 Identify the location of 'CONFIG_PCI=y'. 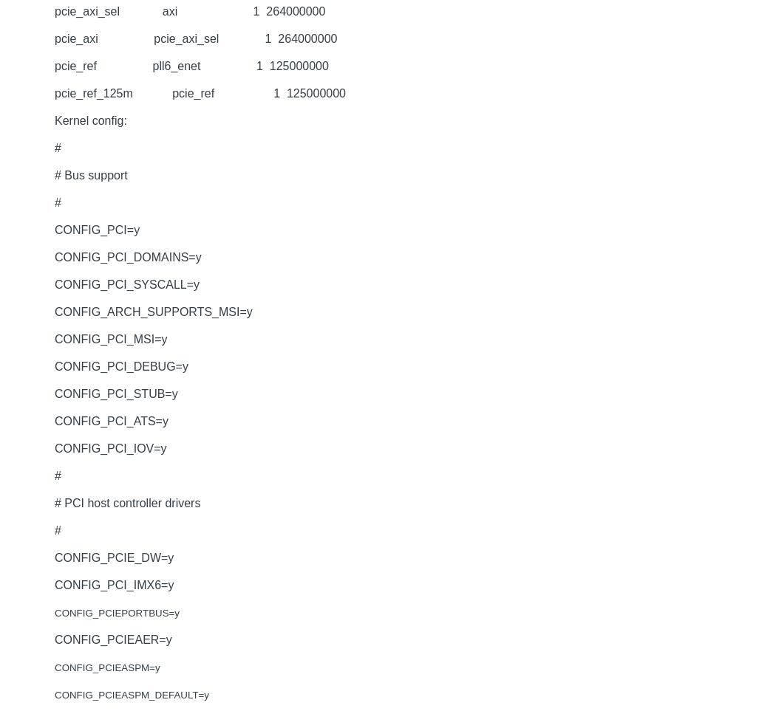
(54, 230).